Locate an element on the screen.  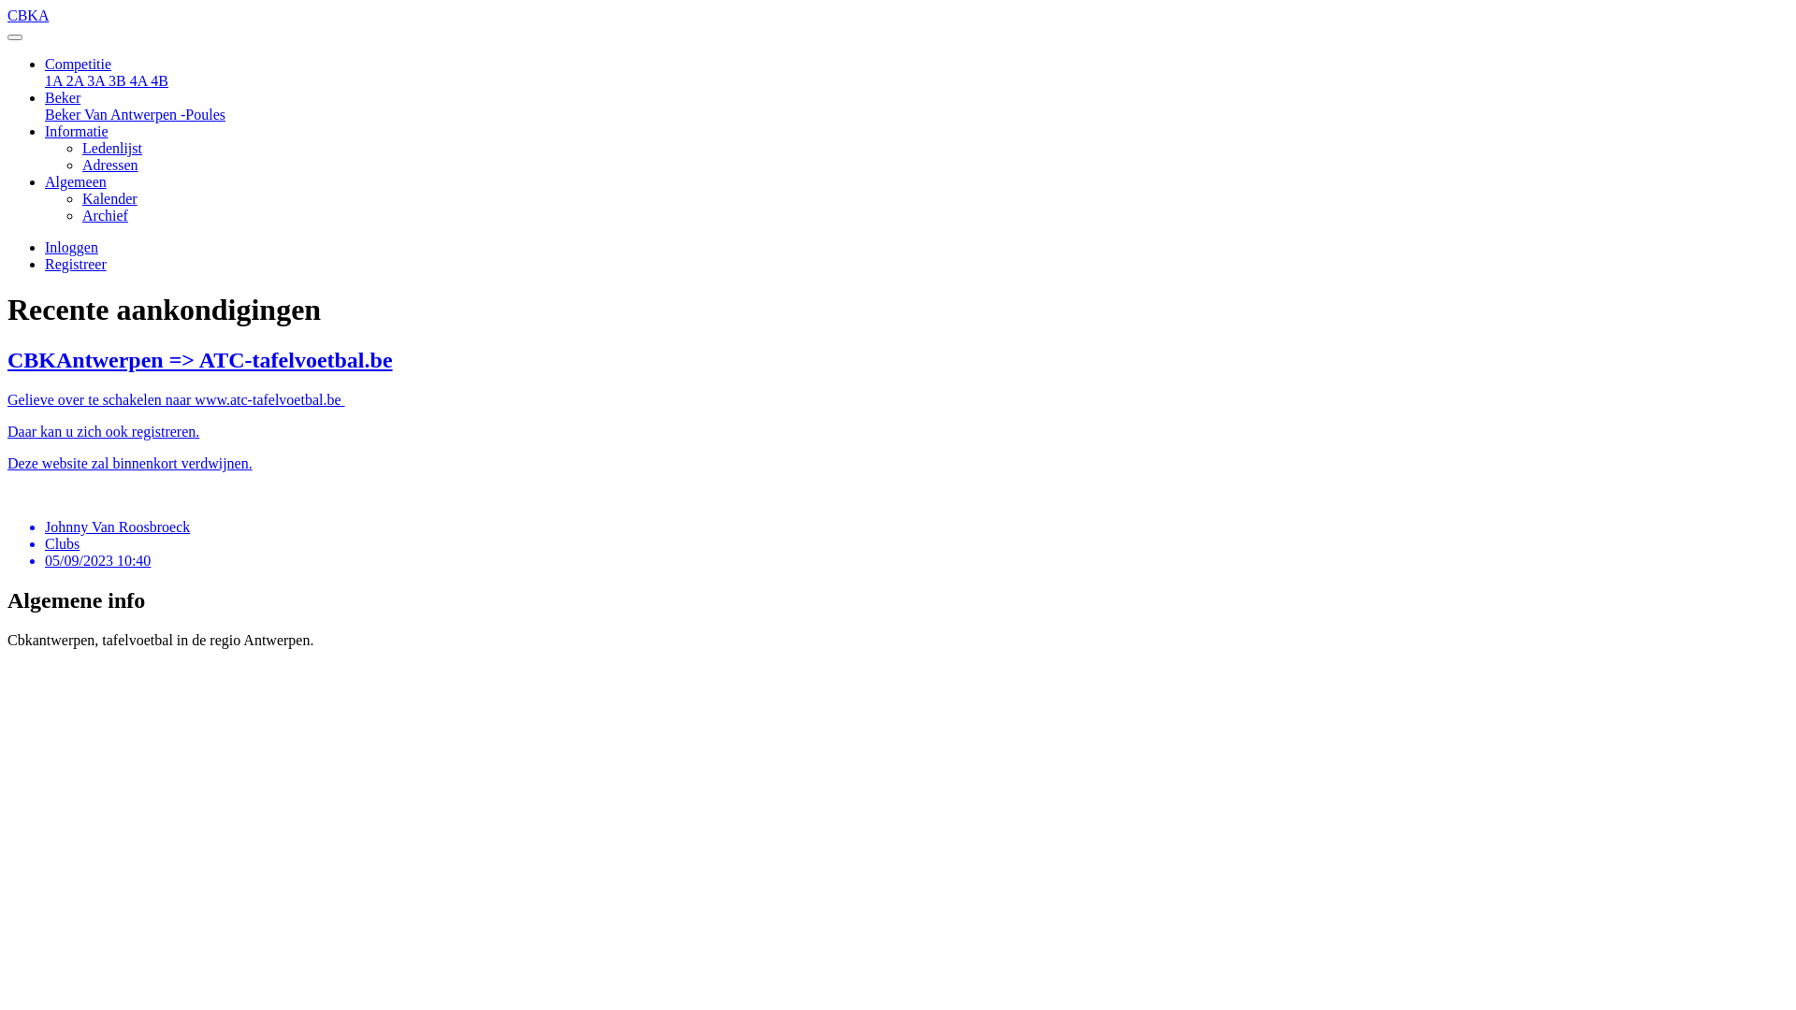
'1A' is located at coordinates (45, 79).